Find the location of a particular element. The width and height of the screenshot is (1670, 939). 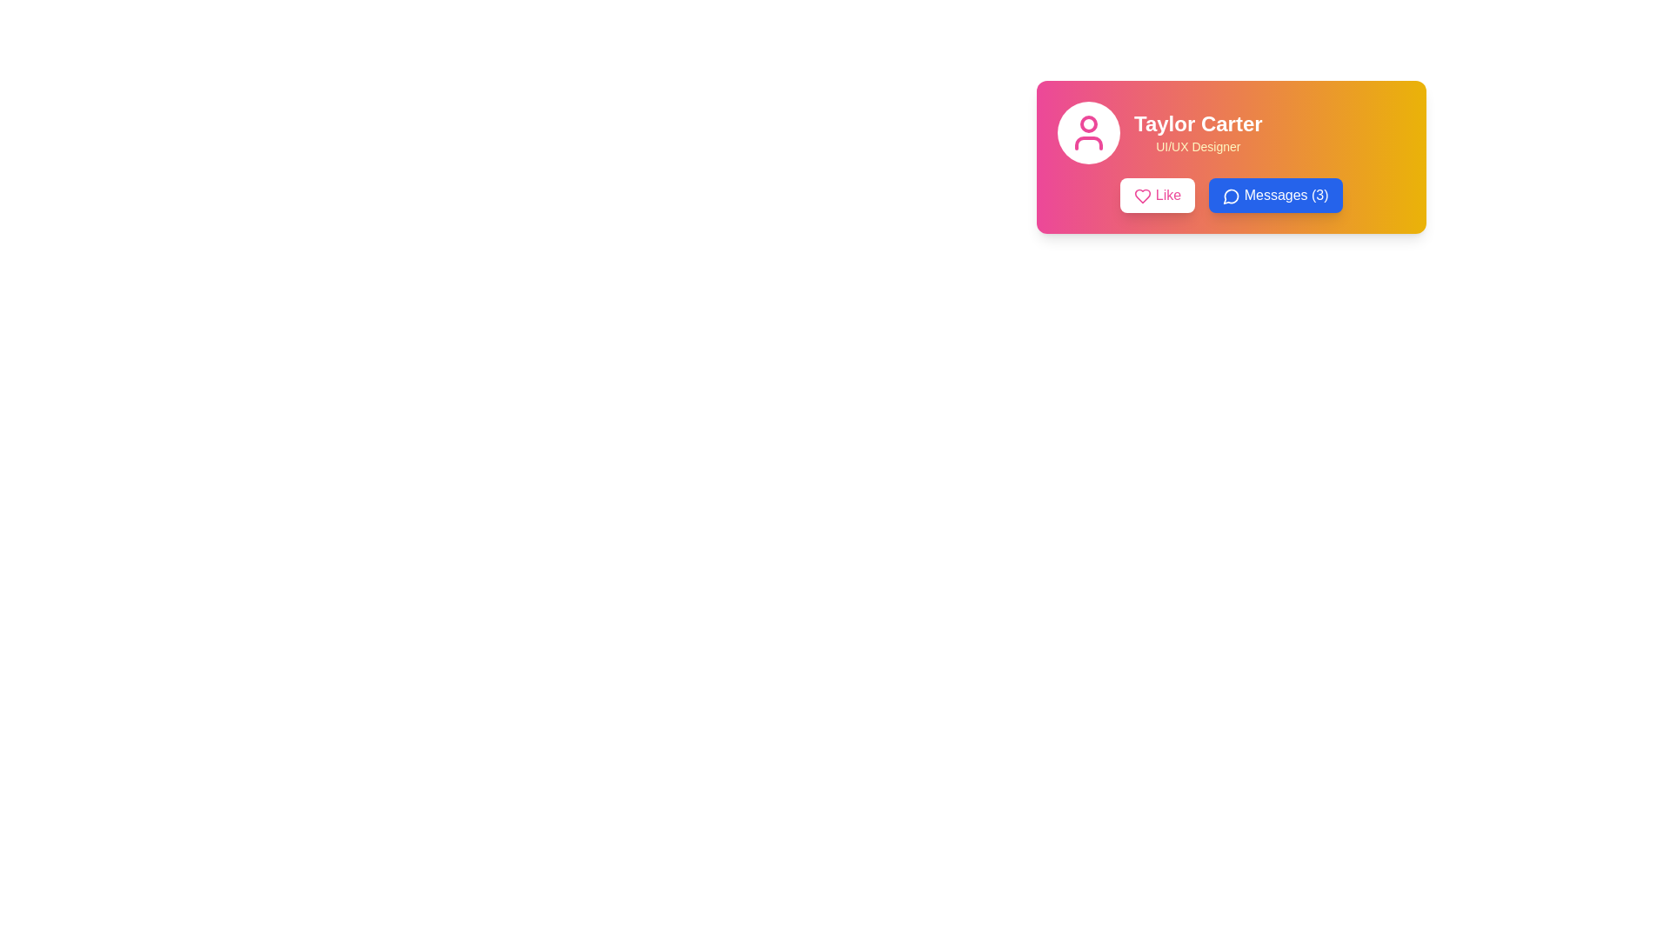

the static text label that provides additional information about the user 'Taylor Carter,' which specifies their role as a 'UI/UX Designer.' This label is located beneath the 'Taylor Carter' text within the same card-style component is located at coordinates (1197, 146).